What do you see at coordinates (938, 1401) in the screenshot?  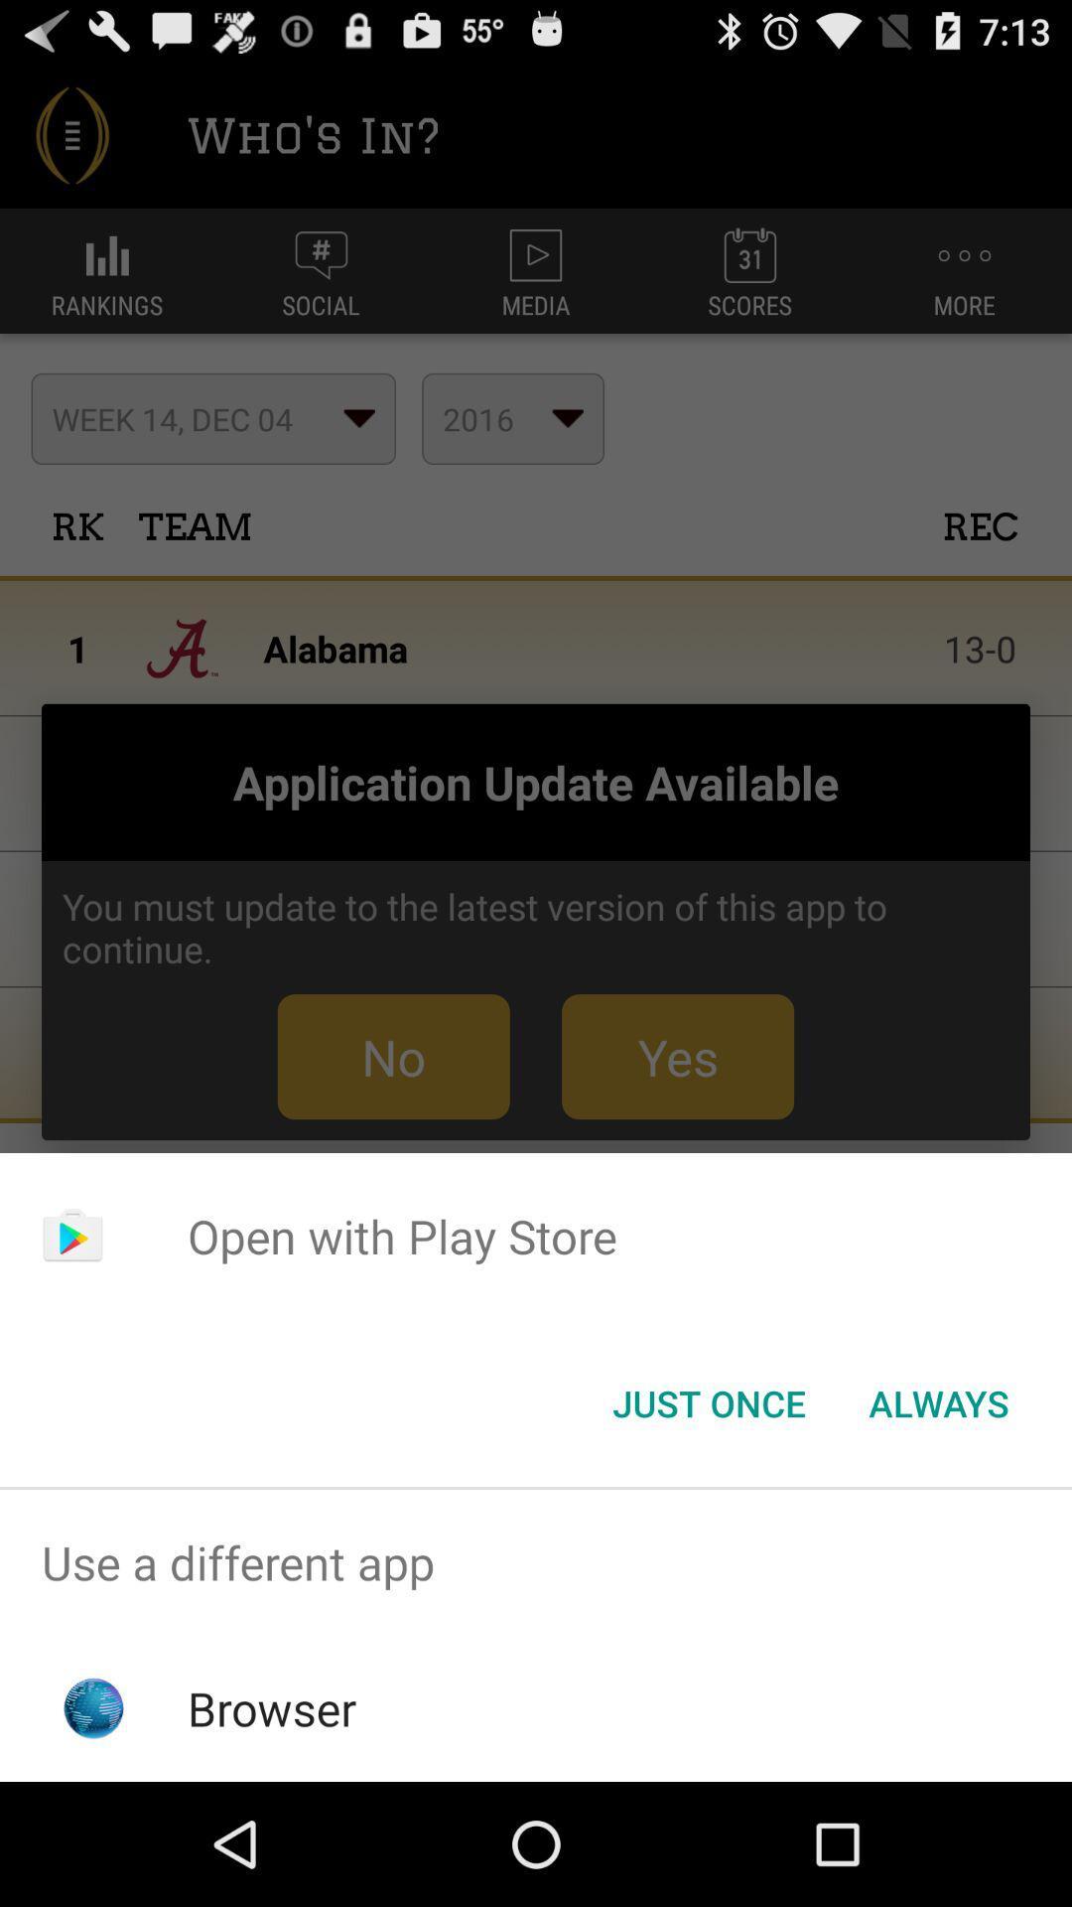 I see `the always at the bottom right corner` at bounding box center [938, 1401].